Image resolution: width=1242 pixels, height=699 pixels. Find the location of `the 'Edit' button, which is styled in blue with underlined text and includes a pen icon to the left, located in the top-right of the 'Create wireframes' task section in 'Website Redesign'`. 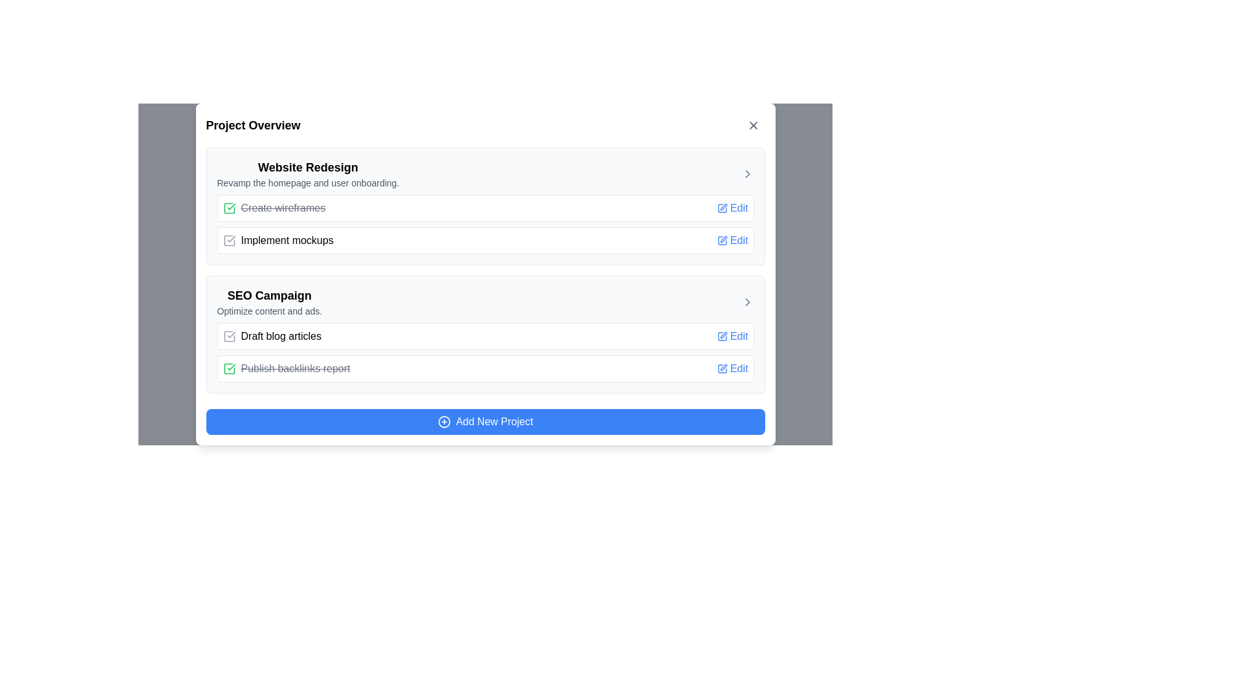

the 'Edit' button, which is styled in blue with underlined text and includes a pen icon to the left, located in the top-right of the 'Create wireframes' task section in 'Website Redesign' is located at coordinates (732, 207).